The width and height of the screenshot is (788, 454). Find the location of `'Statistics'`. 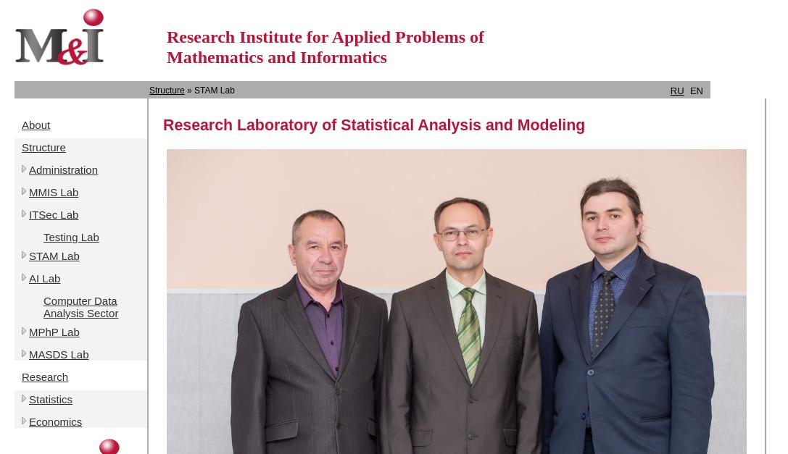

'Statistics' is located at coordinates (51, 399).